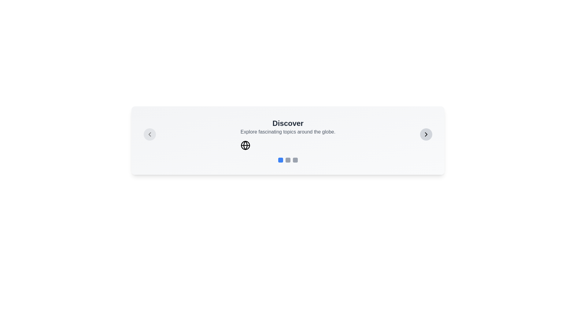 The height and width of the screenshot is (330, 587). I want to click on the chevron icon located within the circular button on the far-right side of the interface, so click(426, 134).